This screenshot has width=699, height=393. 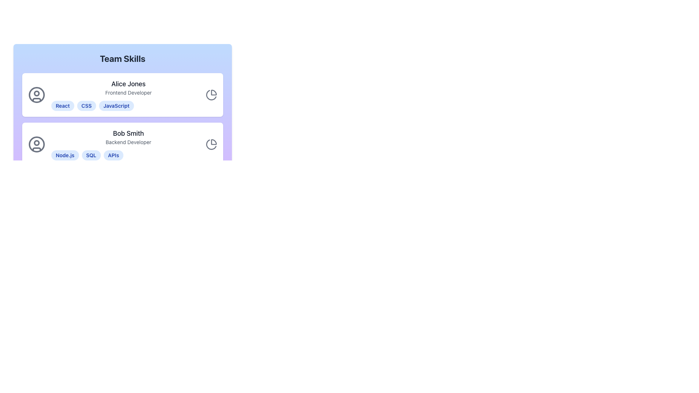 I want to click on the small circular shape within the profile icon of 'Bob Smith' in the second user card, so click(x=36, y=143).